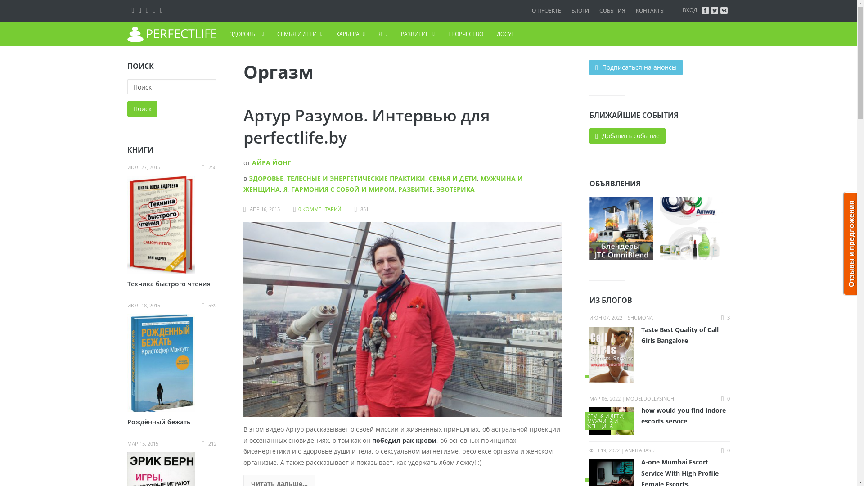  I want to click on 'Taste Best Quality of Call Girls Bangalore', so click(660, 335).